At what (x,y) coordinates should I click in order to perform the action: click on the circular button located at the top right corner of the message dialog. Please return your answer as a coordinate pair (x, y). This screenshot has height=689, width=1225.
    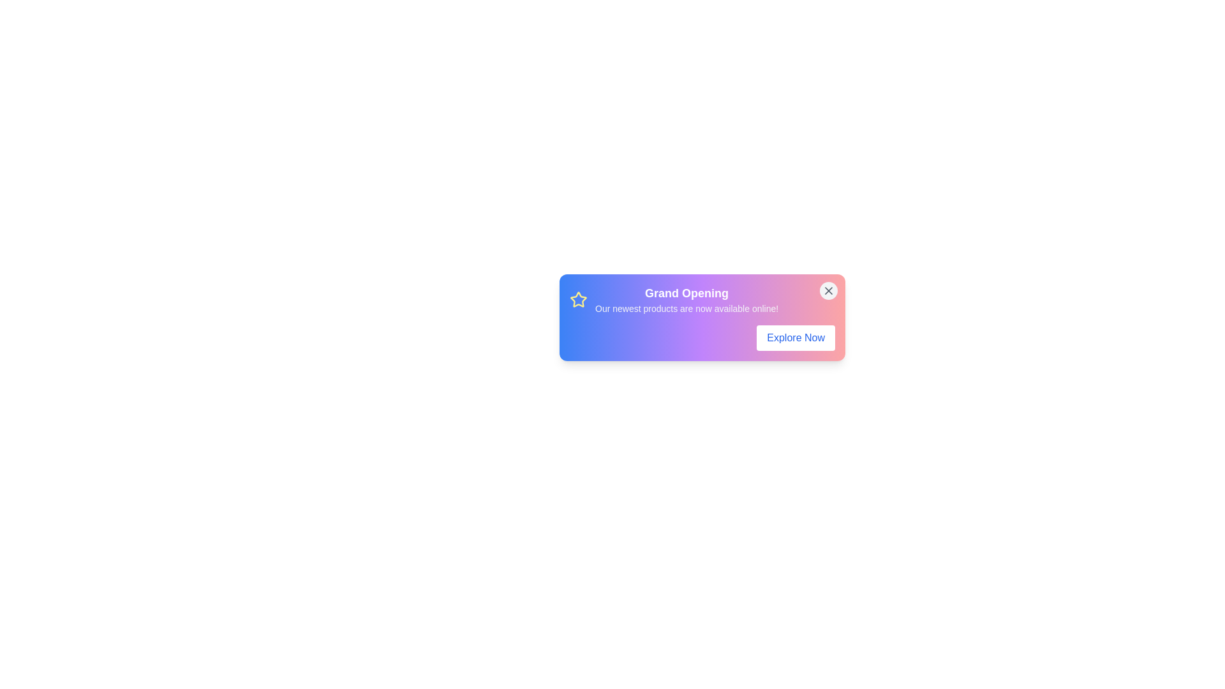
    Looking at the image, I should click on (829, 290).